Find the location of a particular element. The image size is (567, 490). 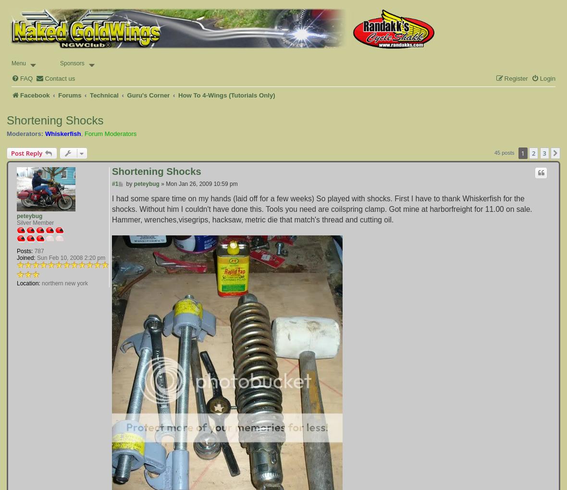

'Posts:' is located at coordinates (24, 250).